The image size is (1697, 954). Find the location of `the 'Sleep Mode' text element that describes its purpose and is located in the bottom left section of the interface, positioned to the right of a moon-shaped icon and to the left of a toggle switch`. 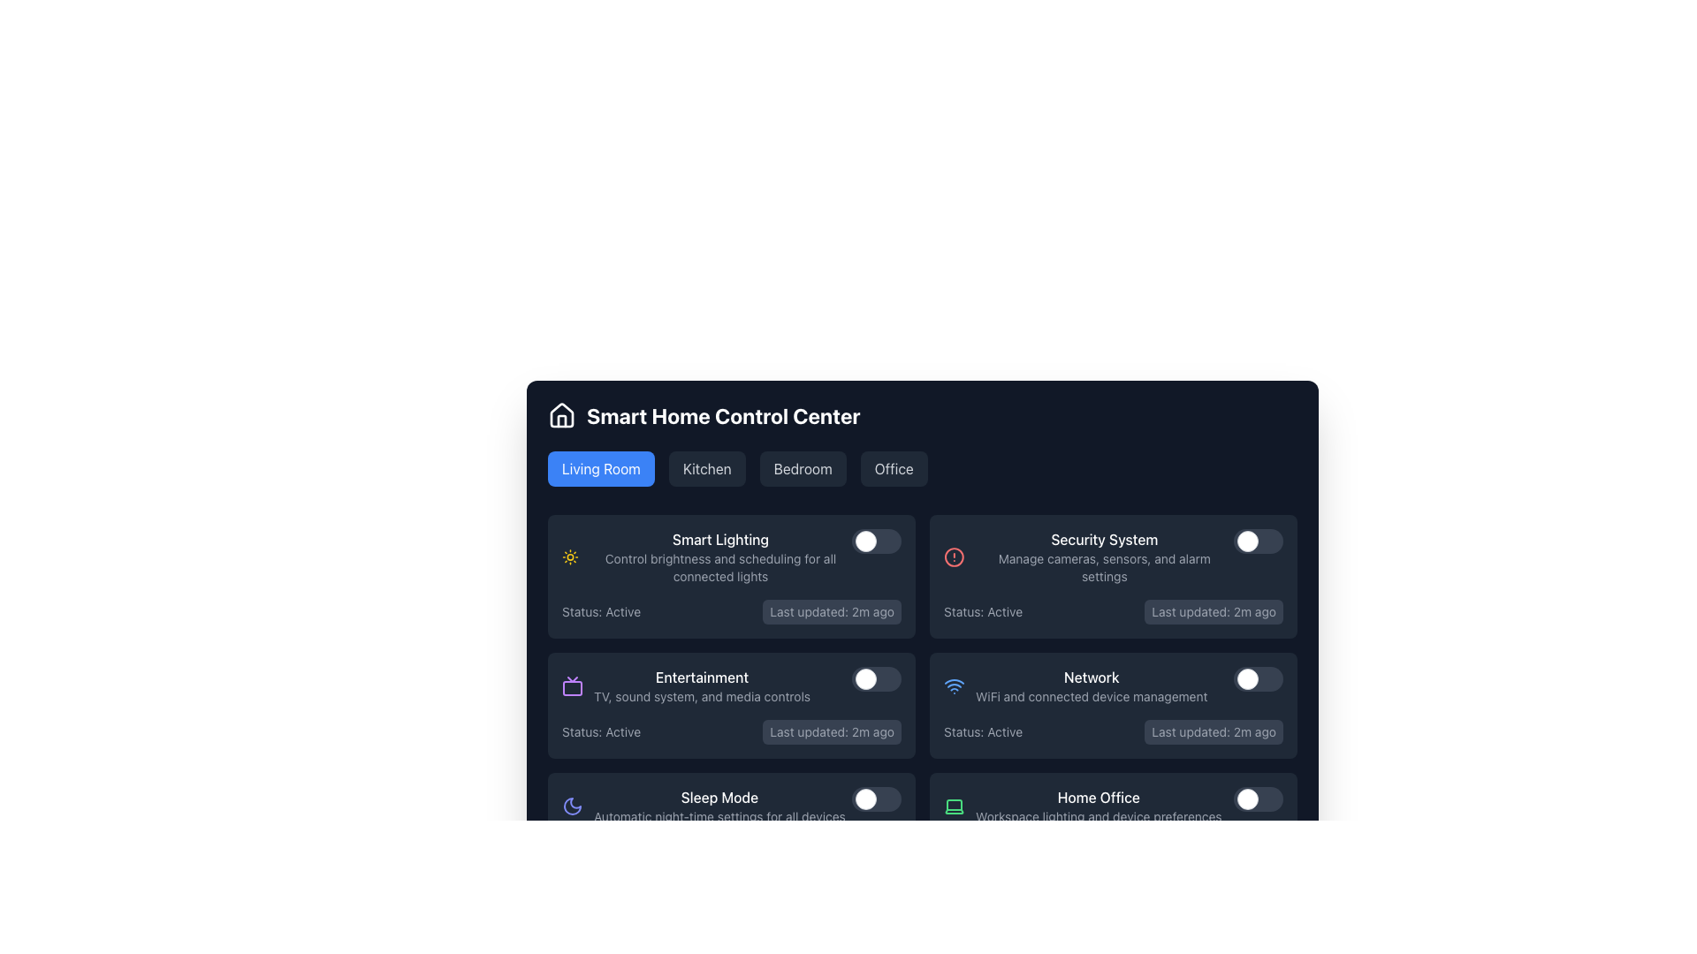

the 'Sleep Mode' text element that describes its purpose and is located in the bottom left section of the interface, positioned to the right of a moon-shaped icon and to the left of a toggle switch is located at coordinates (719, 806).